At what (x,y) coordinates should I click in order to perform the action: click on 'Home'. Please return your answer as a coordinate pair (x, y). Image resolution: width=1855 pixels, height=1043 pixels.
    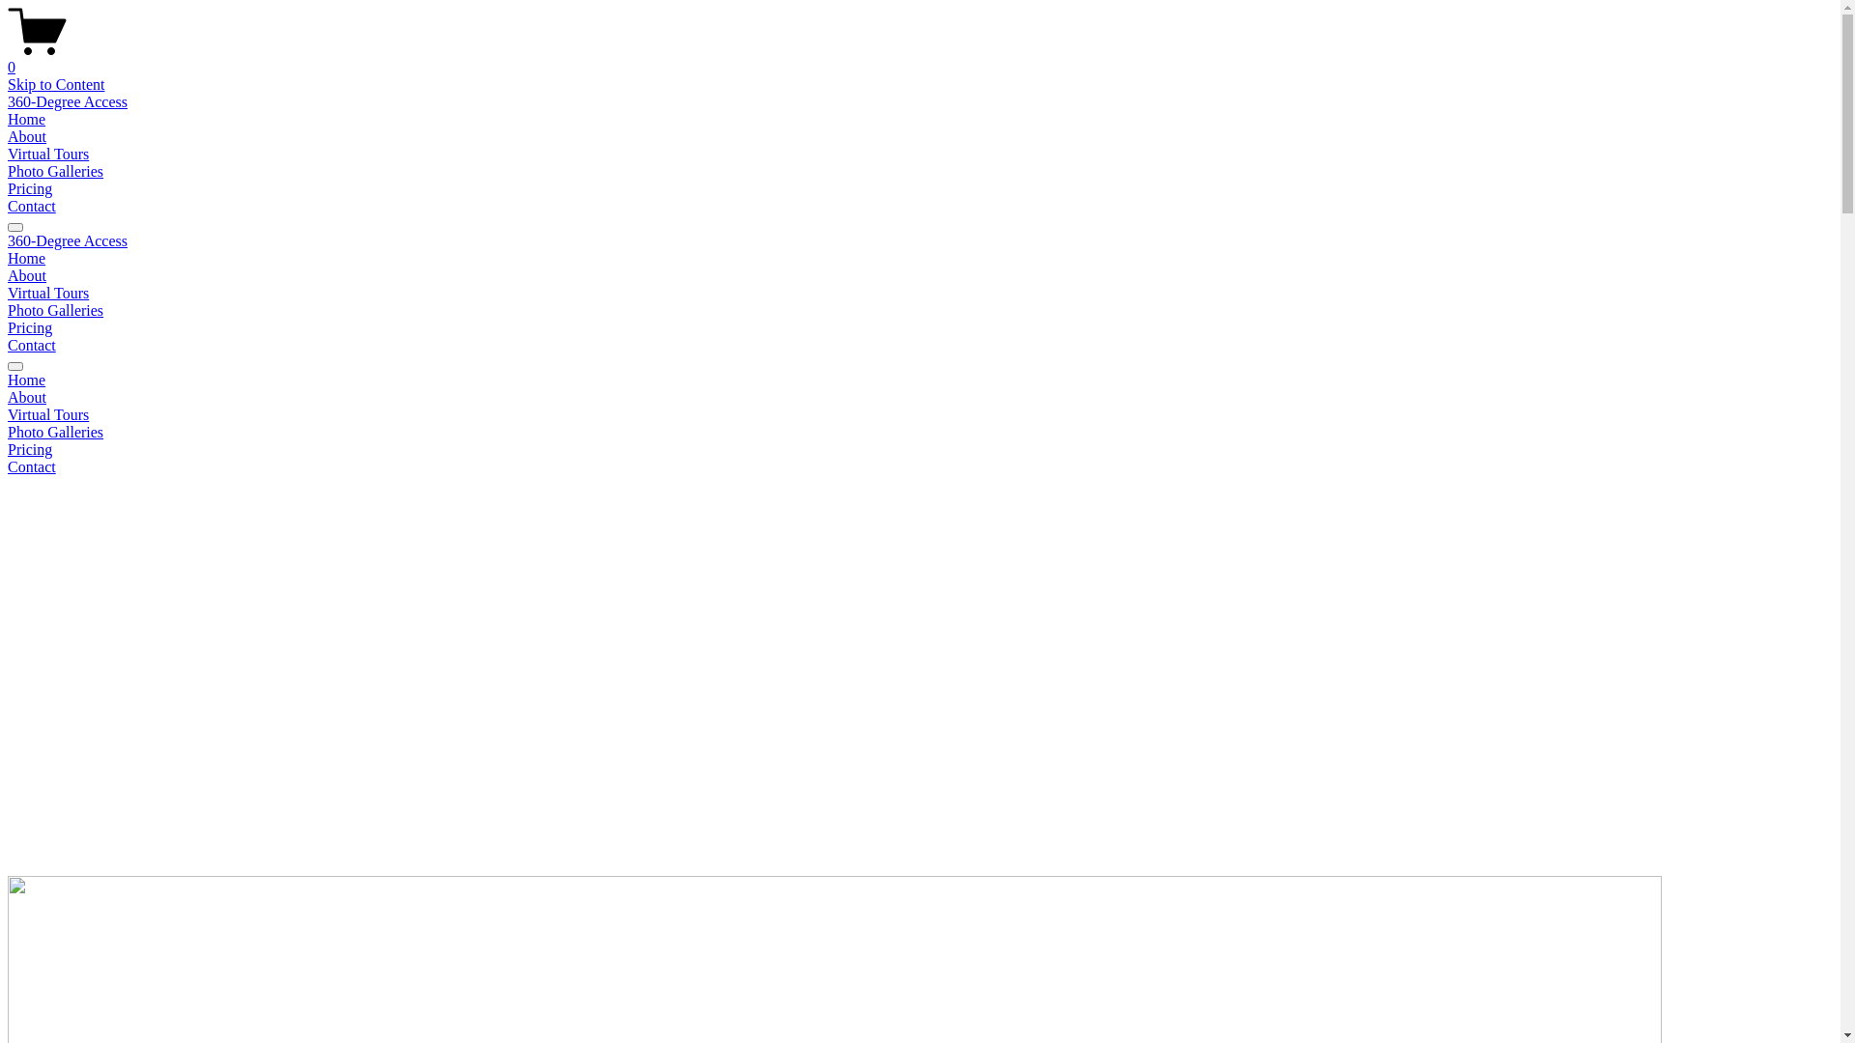
    Looking at the image, I should click on (8, 119).